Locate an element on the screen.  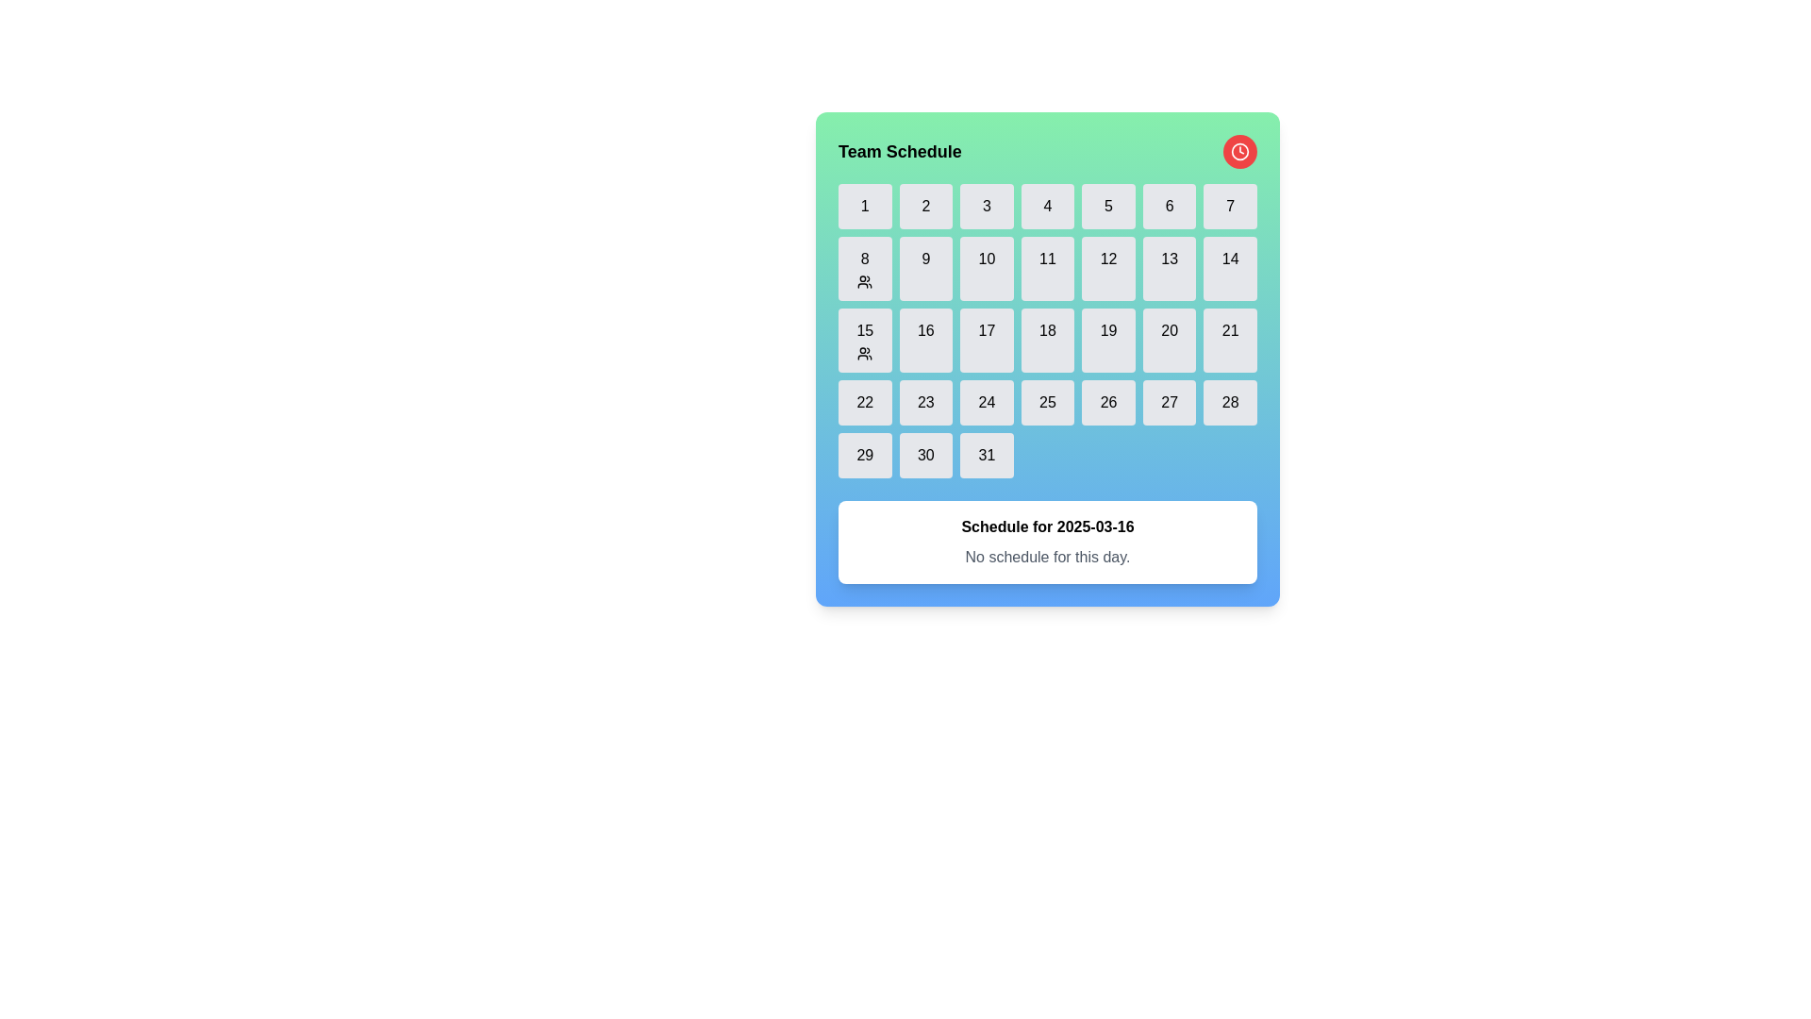
the selectable date button for the date '28' located in the last row and sixth column of the calendar grid is located at coordinates (1230, 402).